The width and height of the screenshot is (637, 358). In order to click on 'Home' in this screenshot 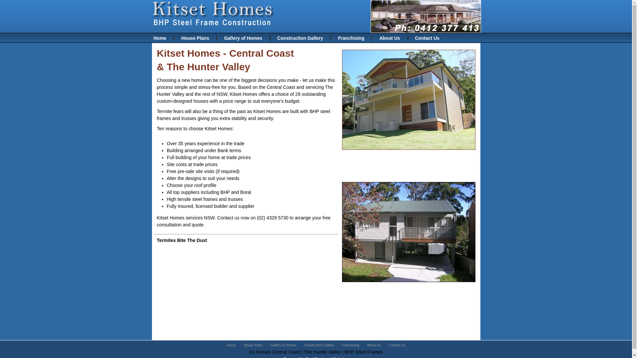, I will do `click(161, 38)`.